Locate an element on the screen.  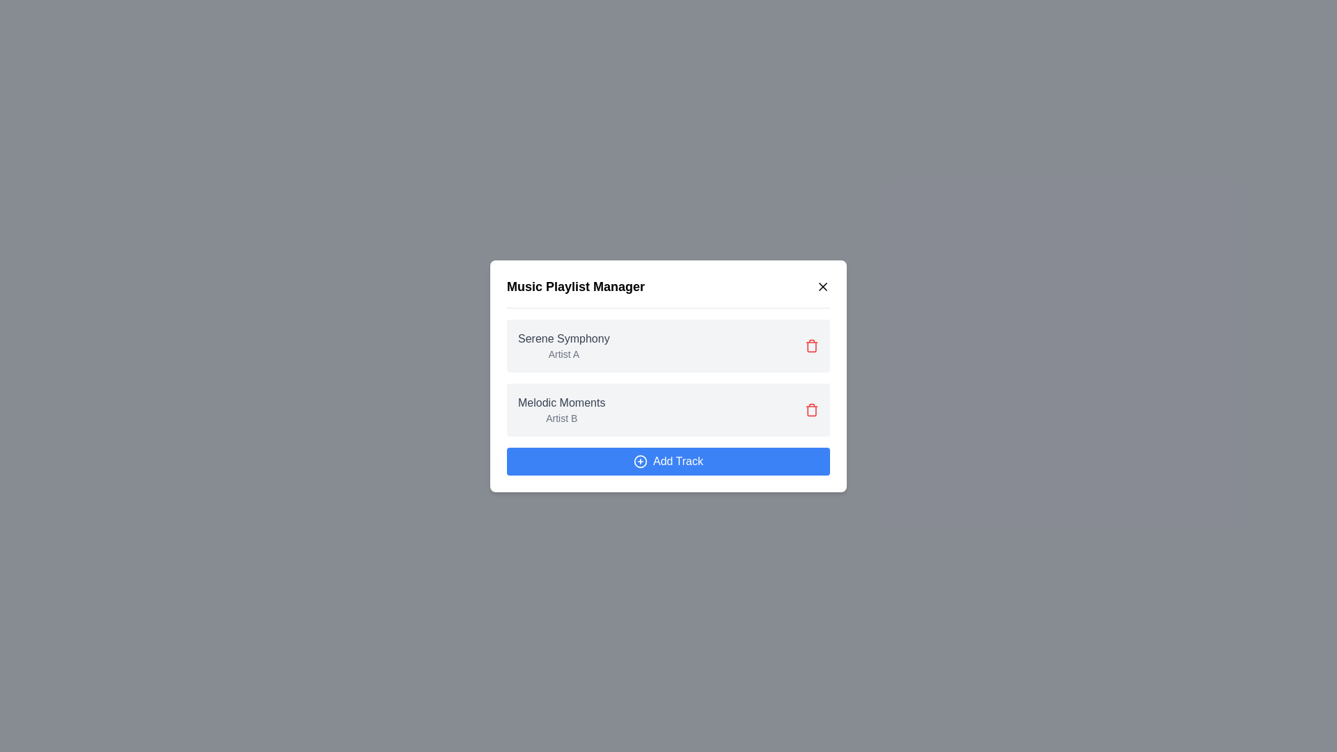
text from the Text Label titled 'Serene Symphony', which identifies the track in the first playlist entry is located at coordinates (563, 338).